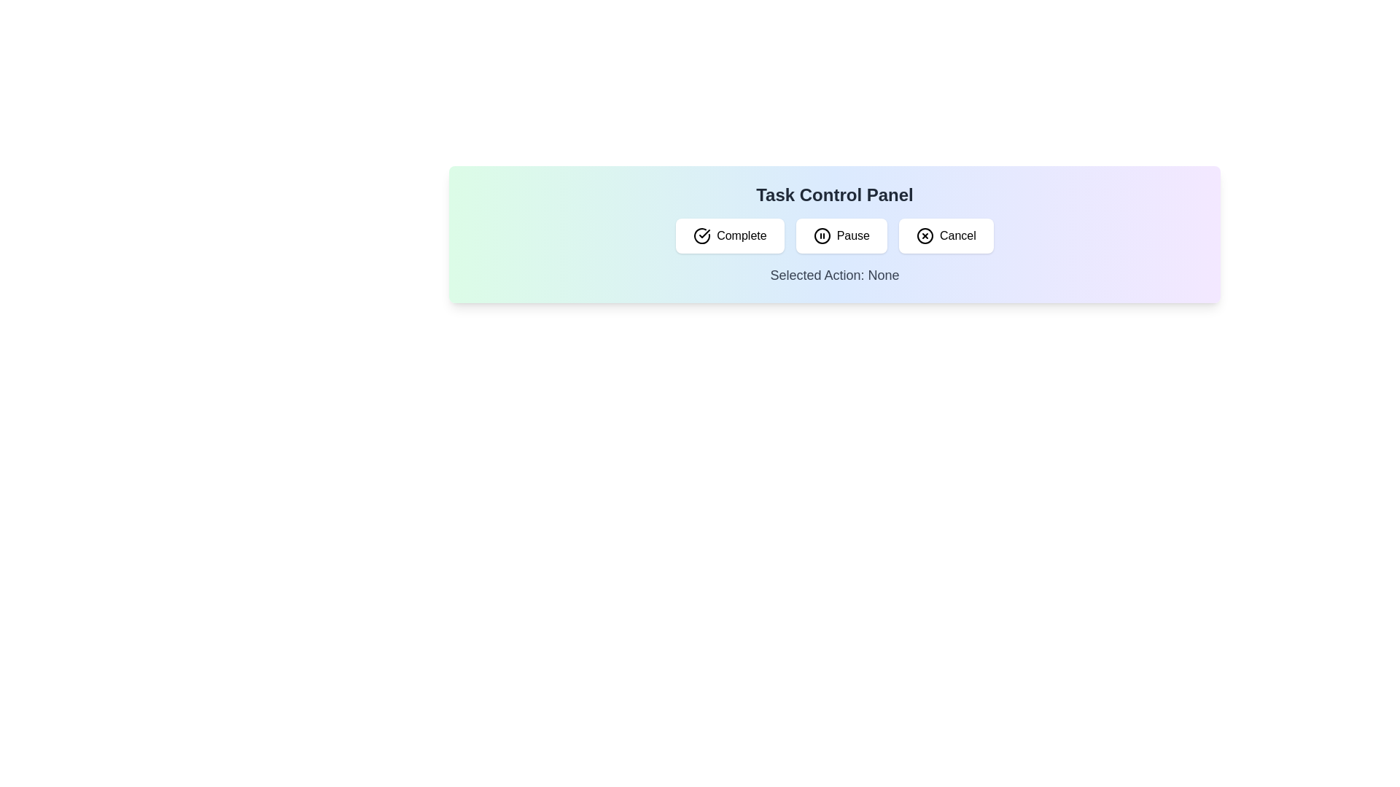  What do you see at coordinates (822, 235) in the screenshot?
I see `the 'Pause' button which contains the pause icon located at the center of the control panel interface` at bounding box center [822, 235].